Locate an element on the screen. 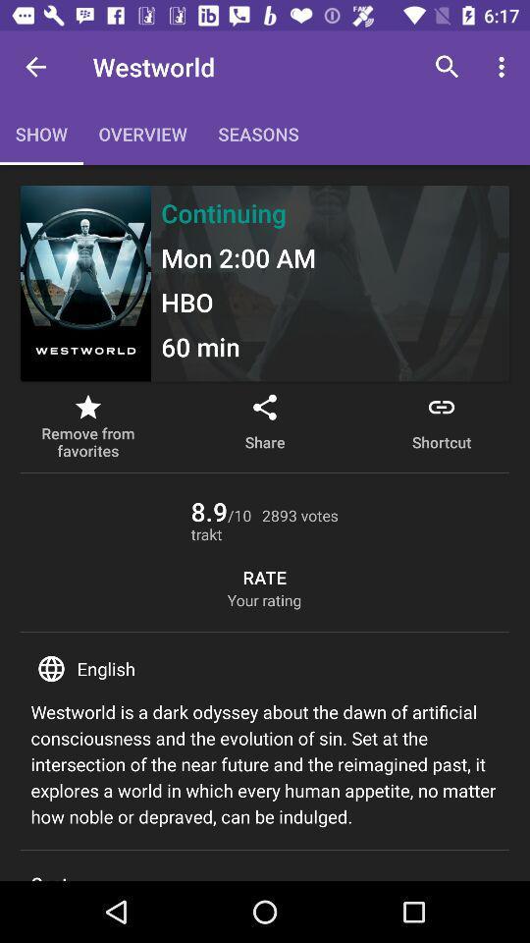  the content right to the westworld poster is located at coordinates (330, 282).